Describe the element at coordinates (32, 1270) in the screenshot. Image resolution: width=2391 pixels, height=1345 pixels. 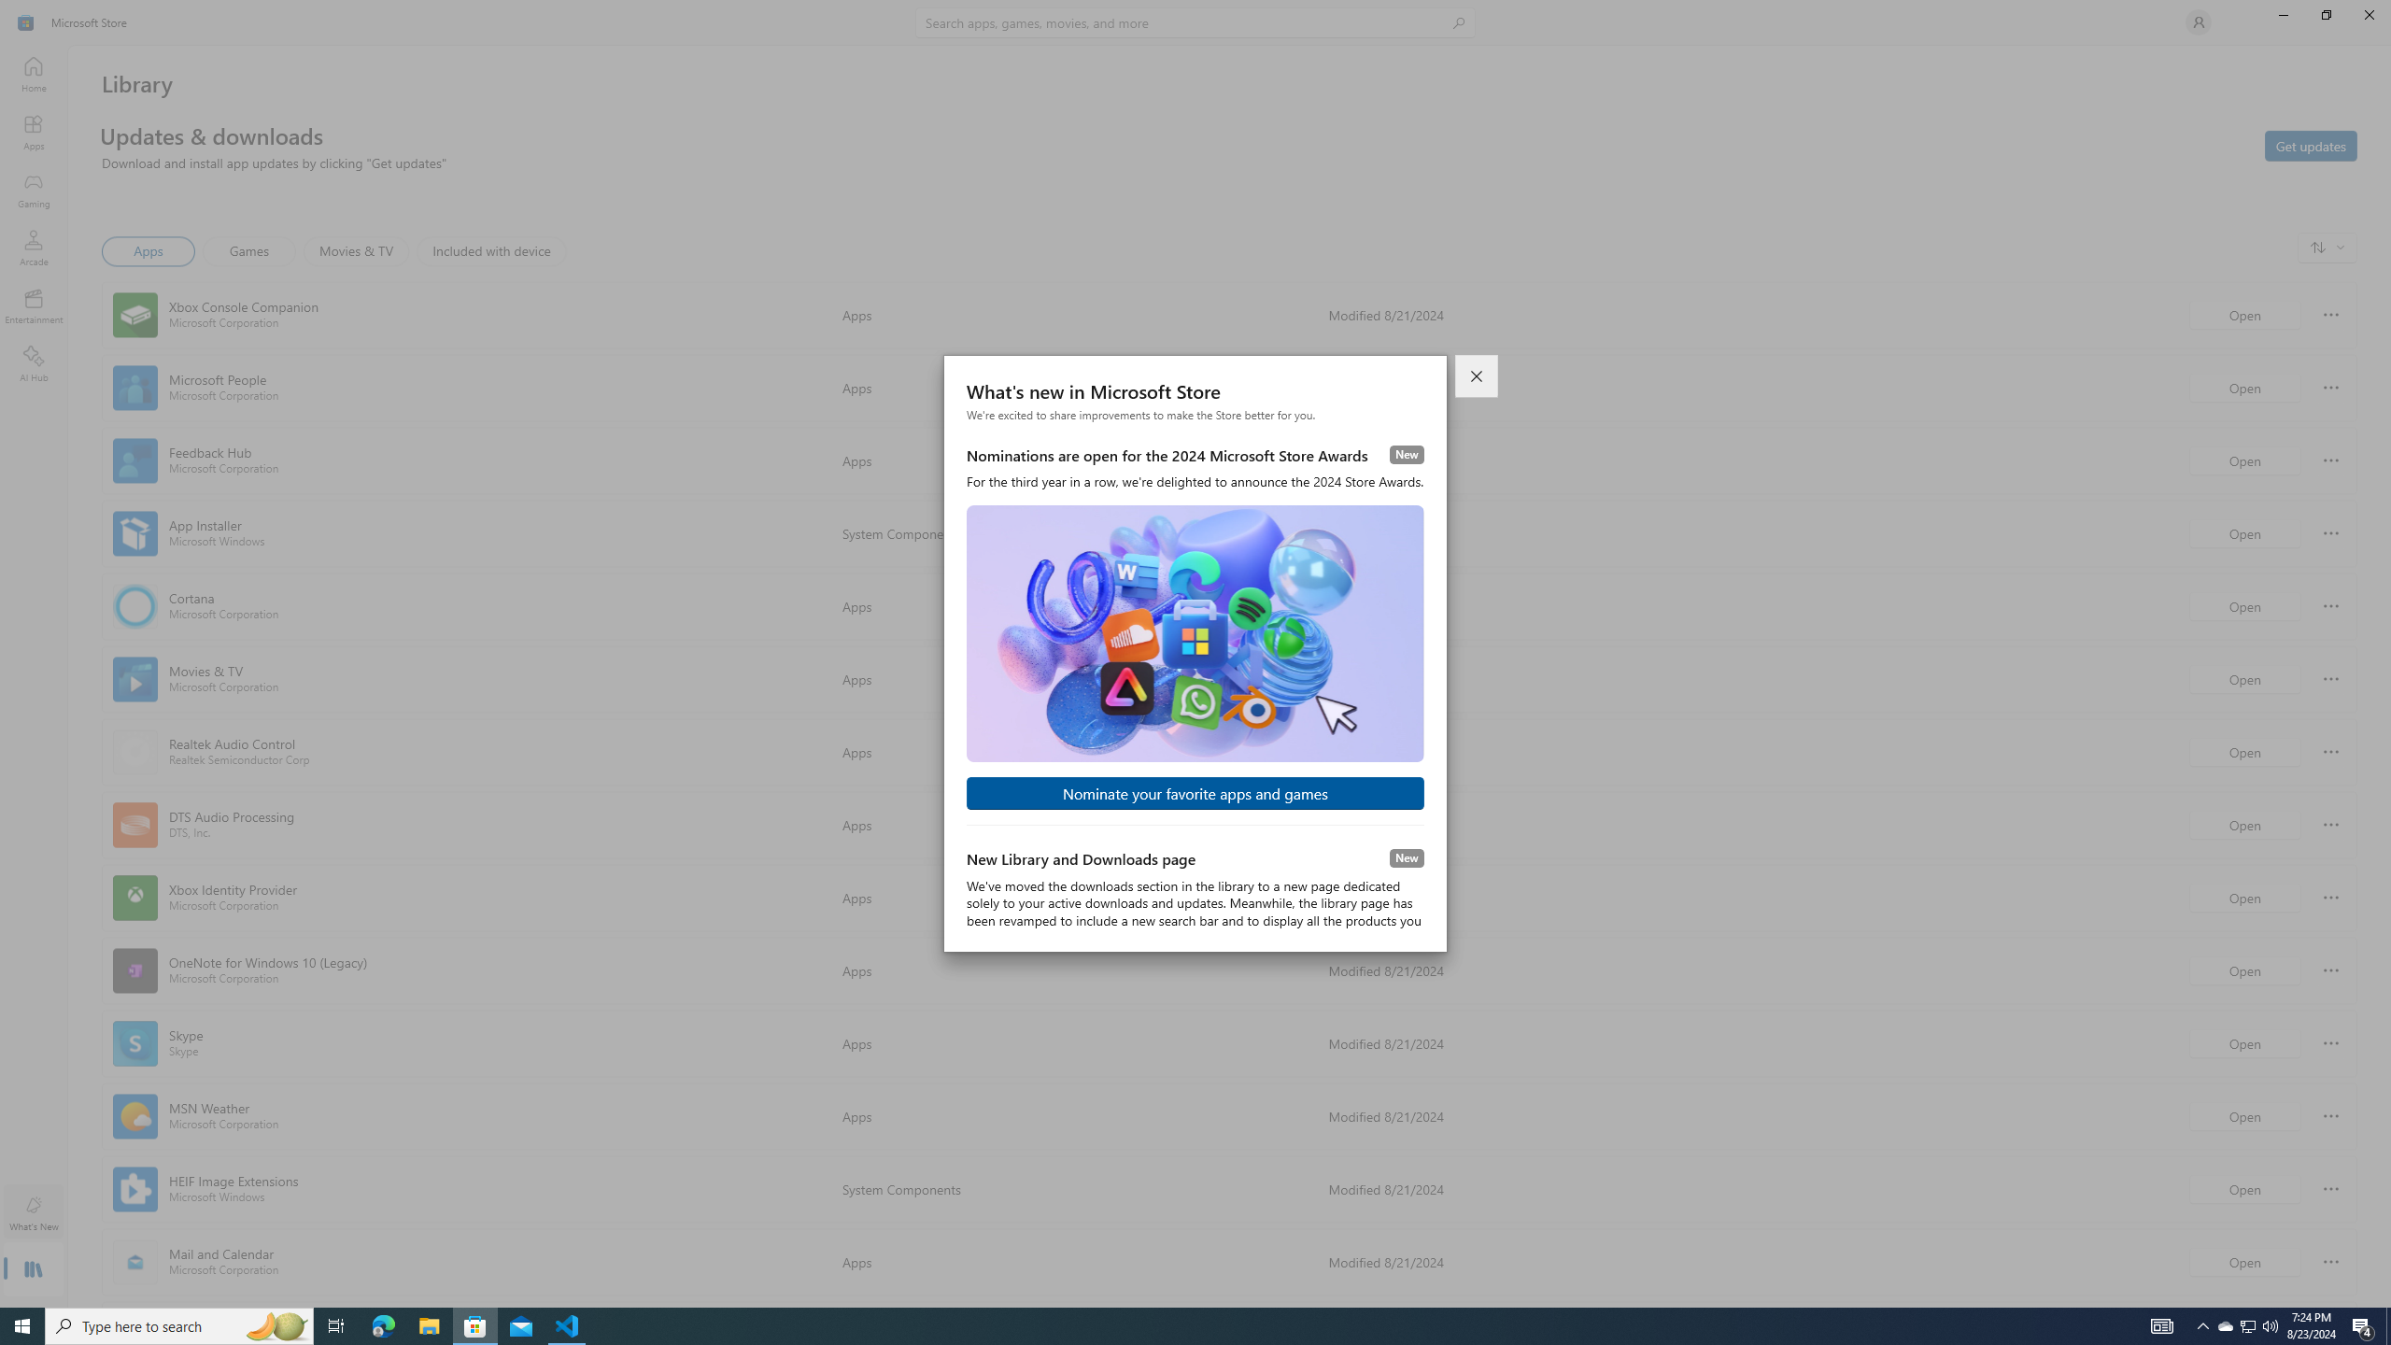
I see `'Library'` at that location.